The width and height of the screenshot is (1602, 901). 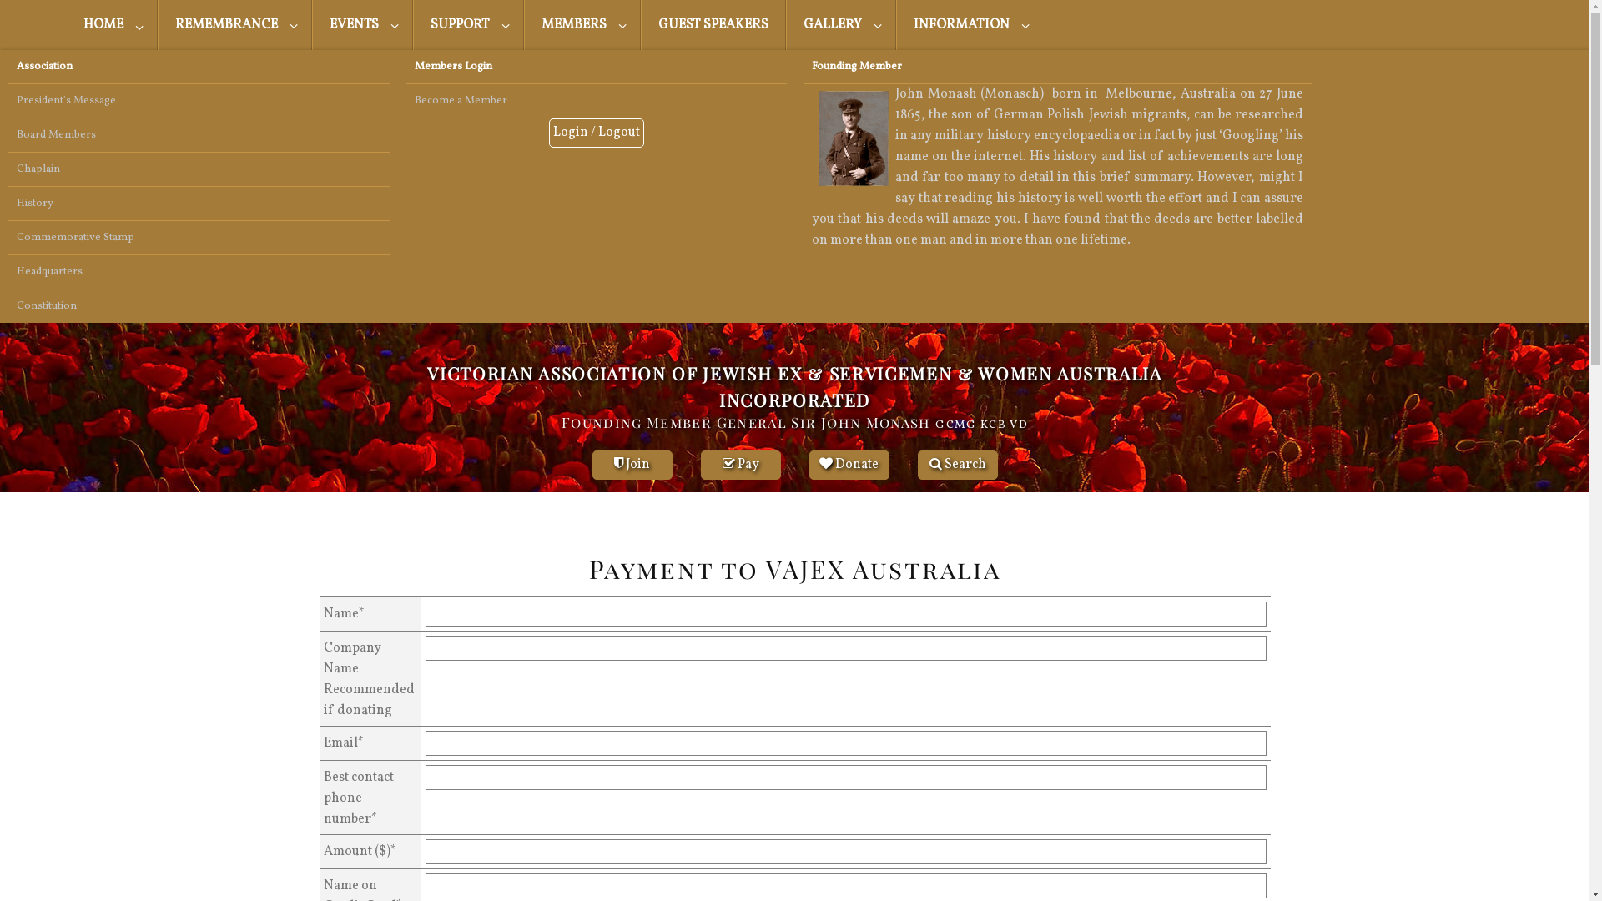 What do you see at coordinates (361, 25) in the screenshot?
I see `'EVENTS'` at bounding box center [361, 25].